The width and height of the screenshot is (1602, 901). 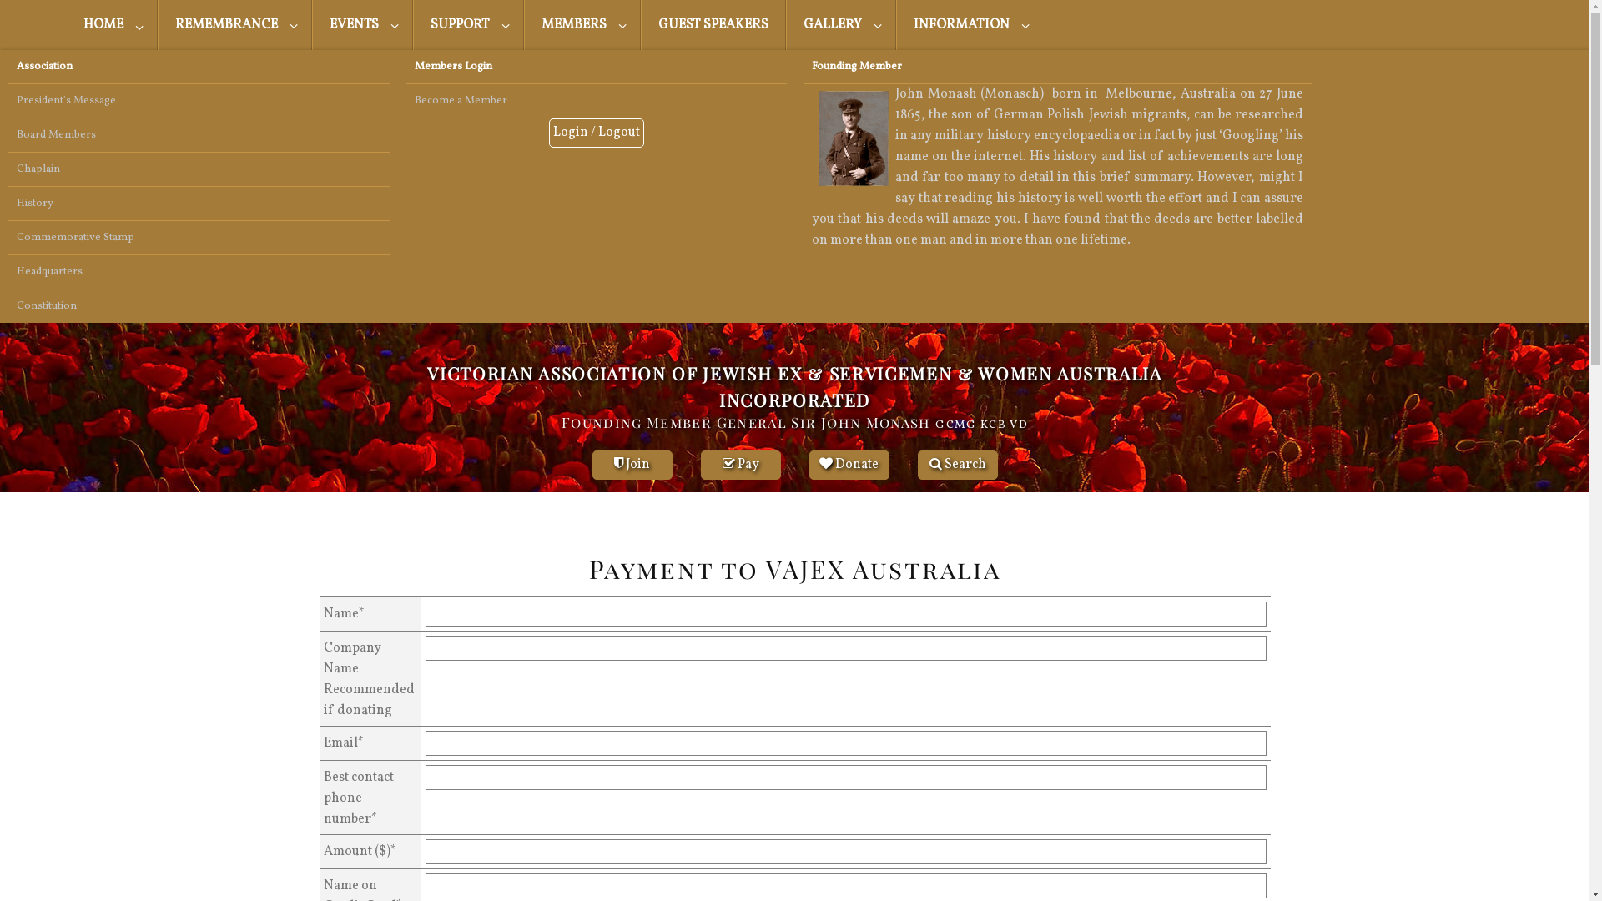 What do you see at coordinates (361, 25) in the screenshot?
I see `'EVENTS'` at bounding box center [361, 25].